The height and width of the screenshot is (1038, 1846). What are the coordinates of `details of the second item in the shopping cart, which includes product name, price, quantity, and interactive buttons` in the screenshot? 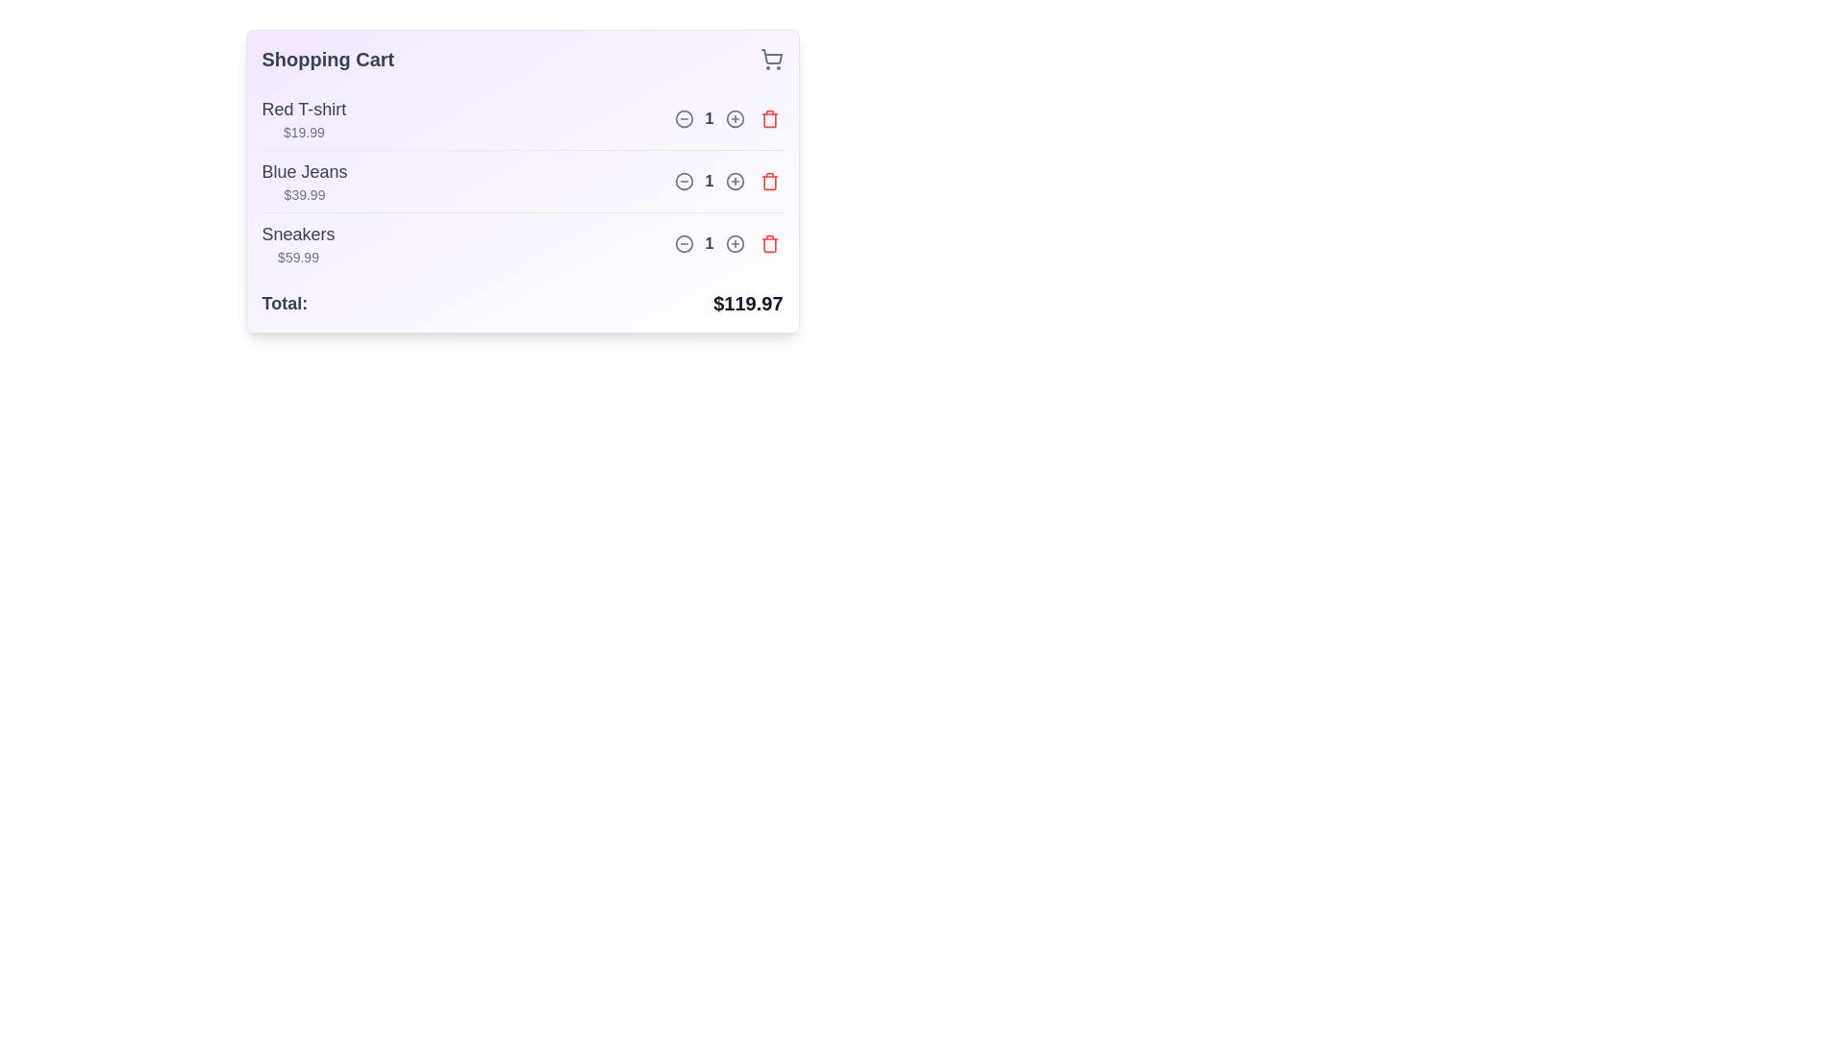 It's located at (522, 182).